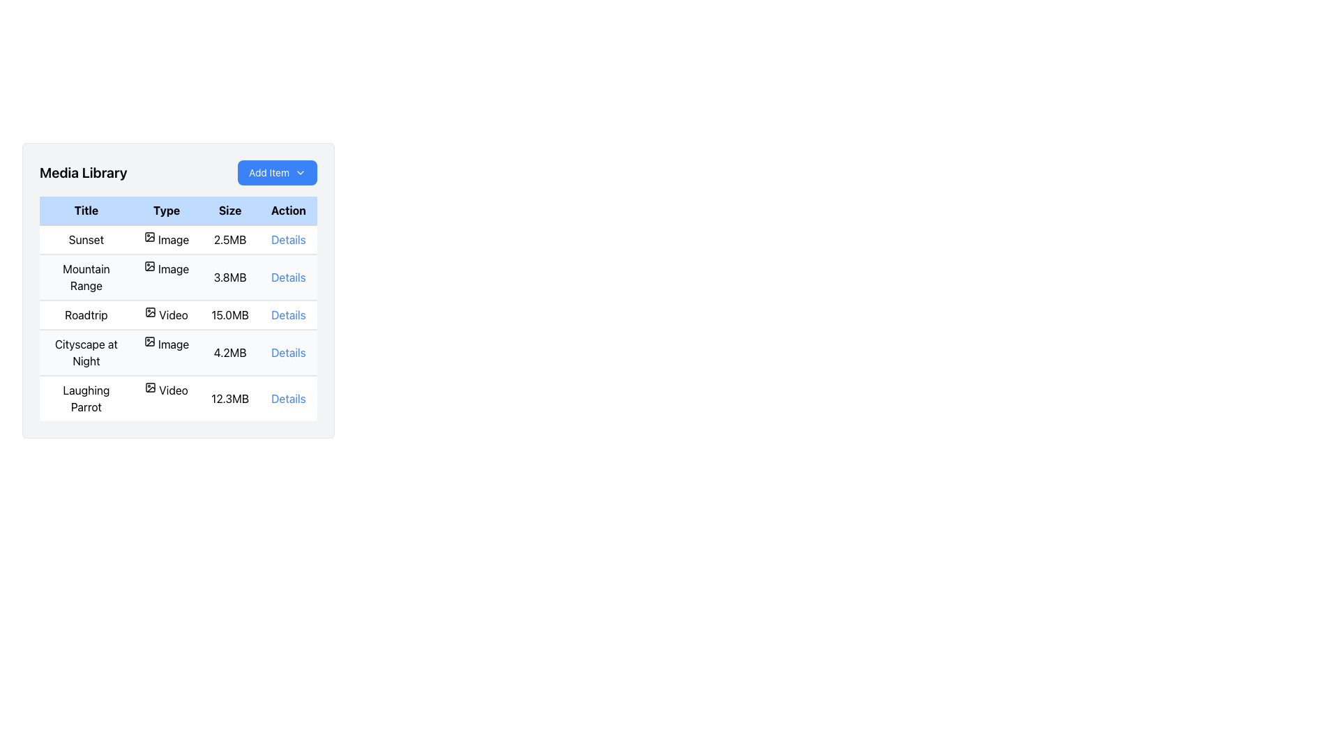 The width and height of the screenshot is (1339, 753). Describe the element at coordinates (167, 314) in the screenshot. I see `the text label with an icon that indicates the media type for the 'Roadtrip' entry, which denotes it is a video file` at that location.